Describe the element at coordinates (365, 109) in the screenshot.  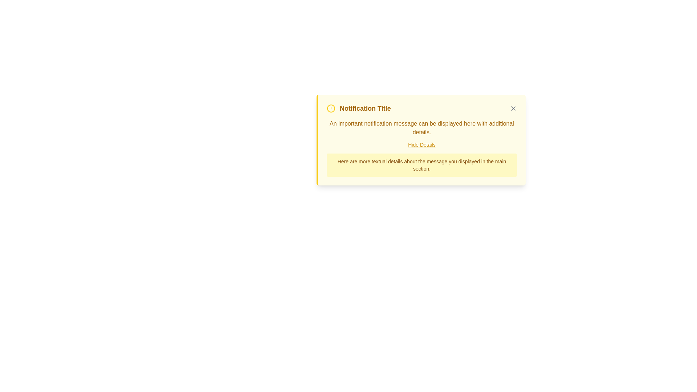
I see `text content from the title Text Label located in the top-left section of the notification card, positioned to the right of a yellow circular icon` at that location.